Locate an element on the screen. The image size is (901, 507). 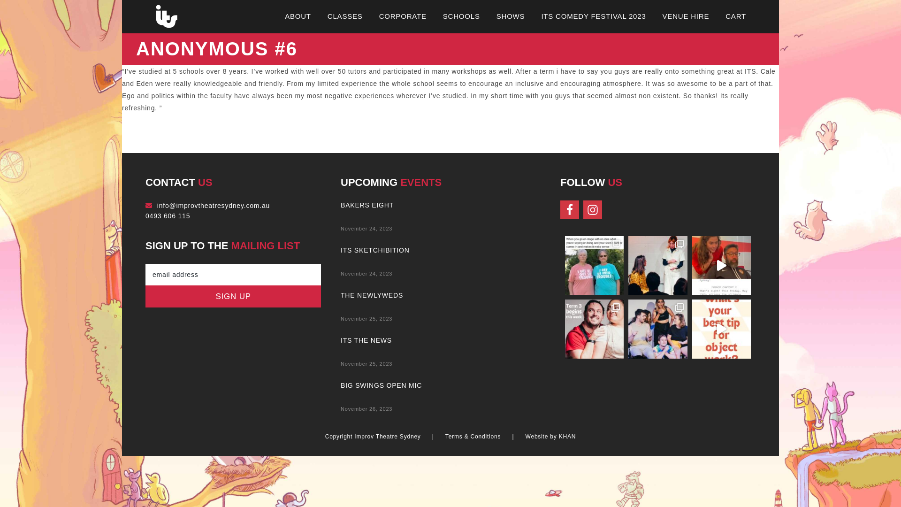
'CORPORATE' is located at coordinates (379, 16).